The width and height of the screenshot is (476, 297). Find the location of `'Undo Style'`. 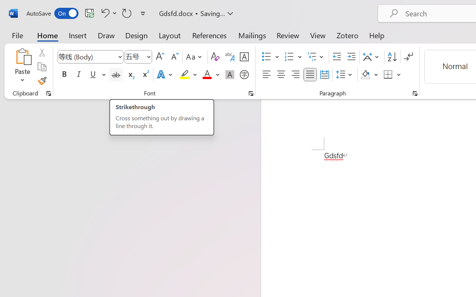

'Undo Style' is located at coordinates (107, 13).